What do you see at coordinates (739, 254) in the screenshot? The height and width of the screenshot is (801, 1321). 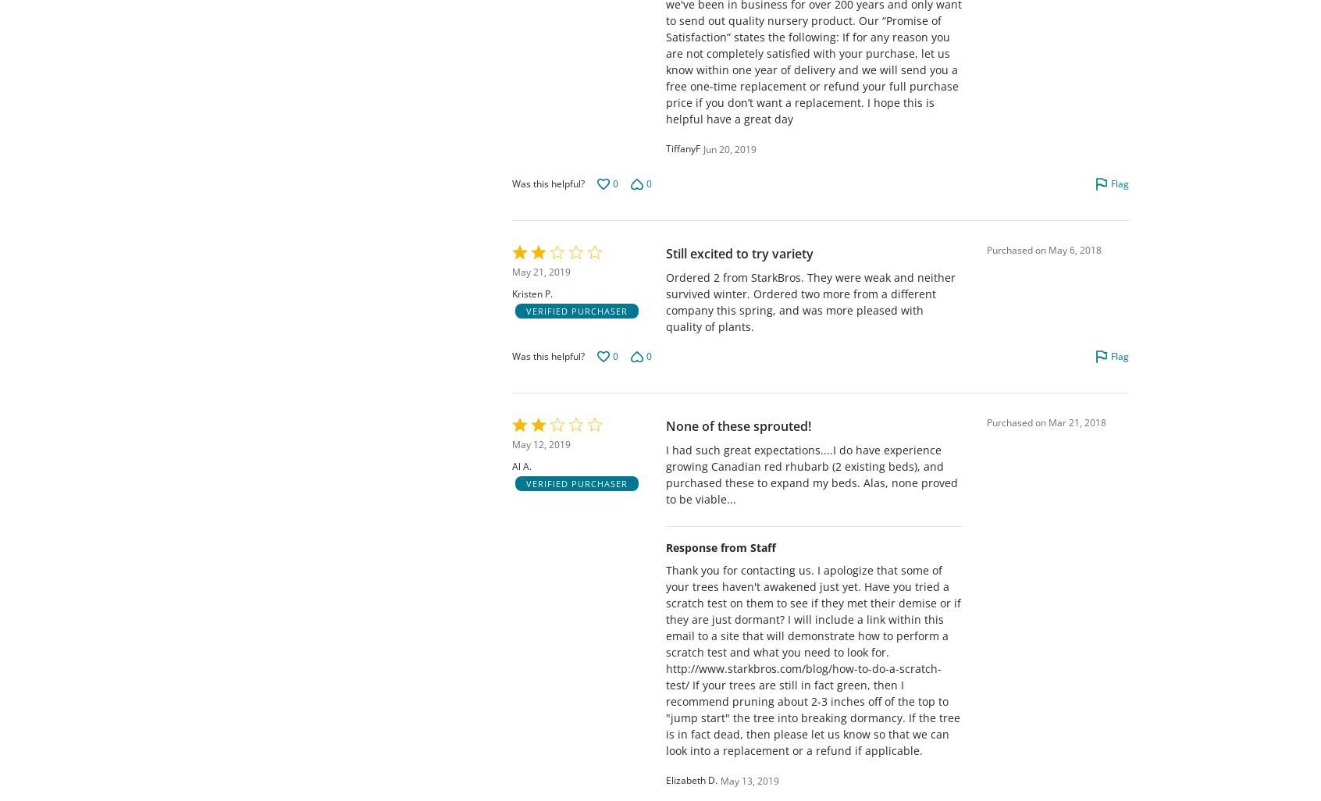 I see `'Still excited to try variety'` at bounding box center [739, 254].